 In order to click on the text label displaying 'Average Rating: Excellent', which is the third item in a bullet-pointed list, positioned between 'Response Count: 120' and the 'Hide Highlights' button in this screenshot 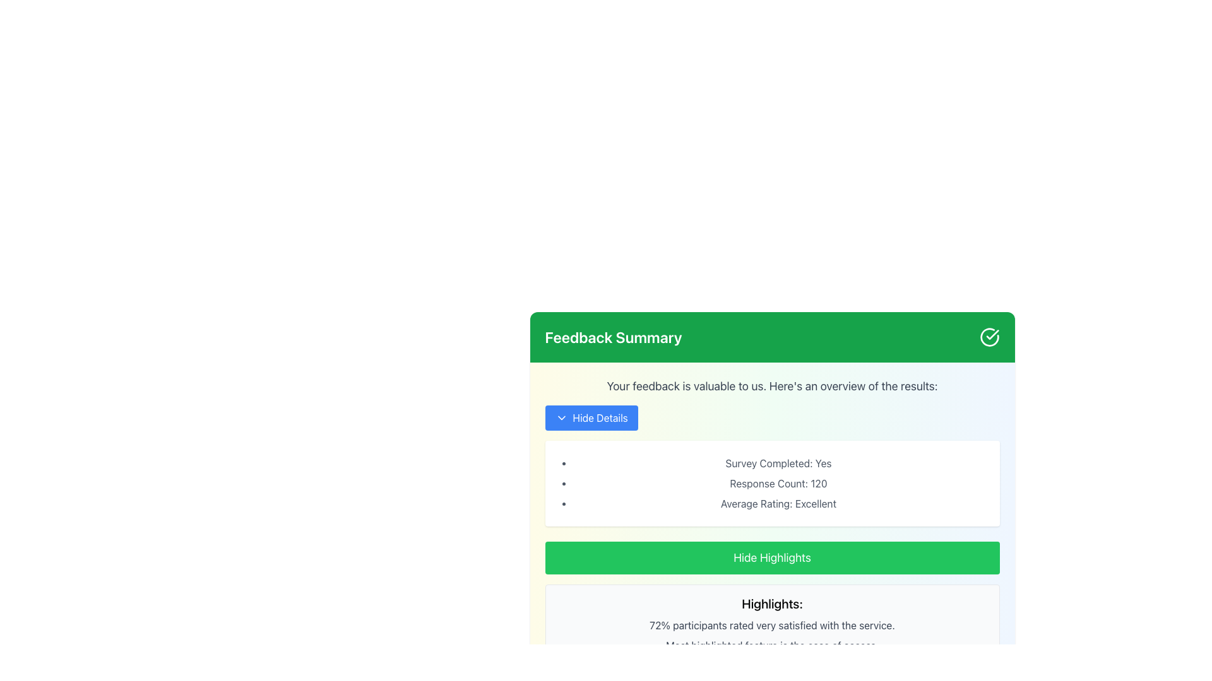, I will do `click(778, 503)`.